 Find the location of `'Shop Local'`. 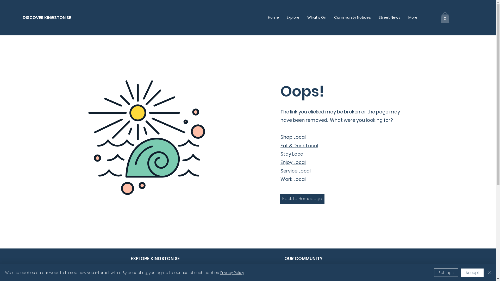

'Shop Local' is located at coordinates (293, 137).